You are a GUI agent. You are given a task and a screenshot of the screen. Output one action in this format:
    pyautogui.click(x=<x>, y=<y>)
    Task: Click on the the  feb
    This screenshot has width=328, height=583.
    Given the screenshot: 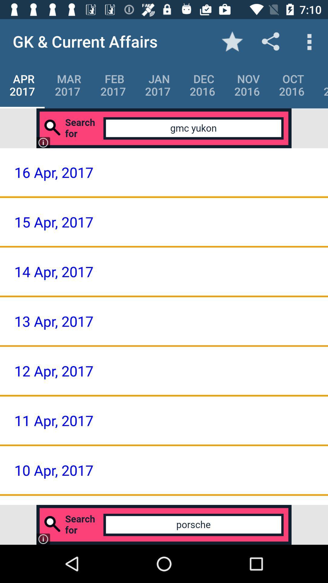 What is the action you would take?
    pyautogui.click(x=113, y=85)
    